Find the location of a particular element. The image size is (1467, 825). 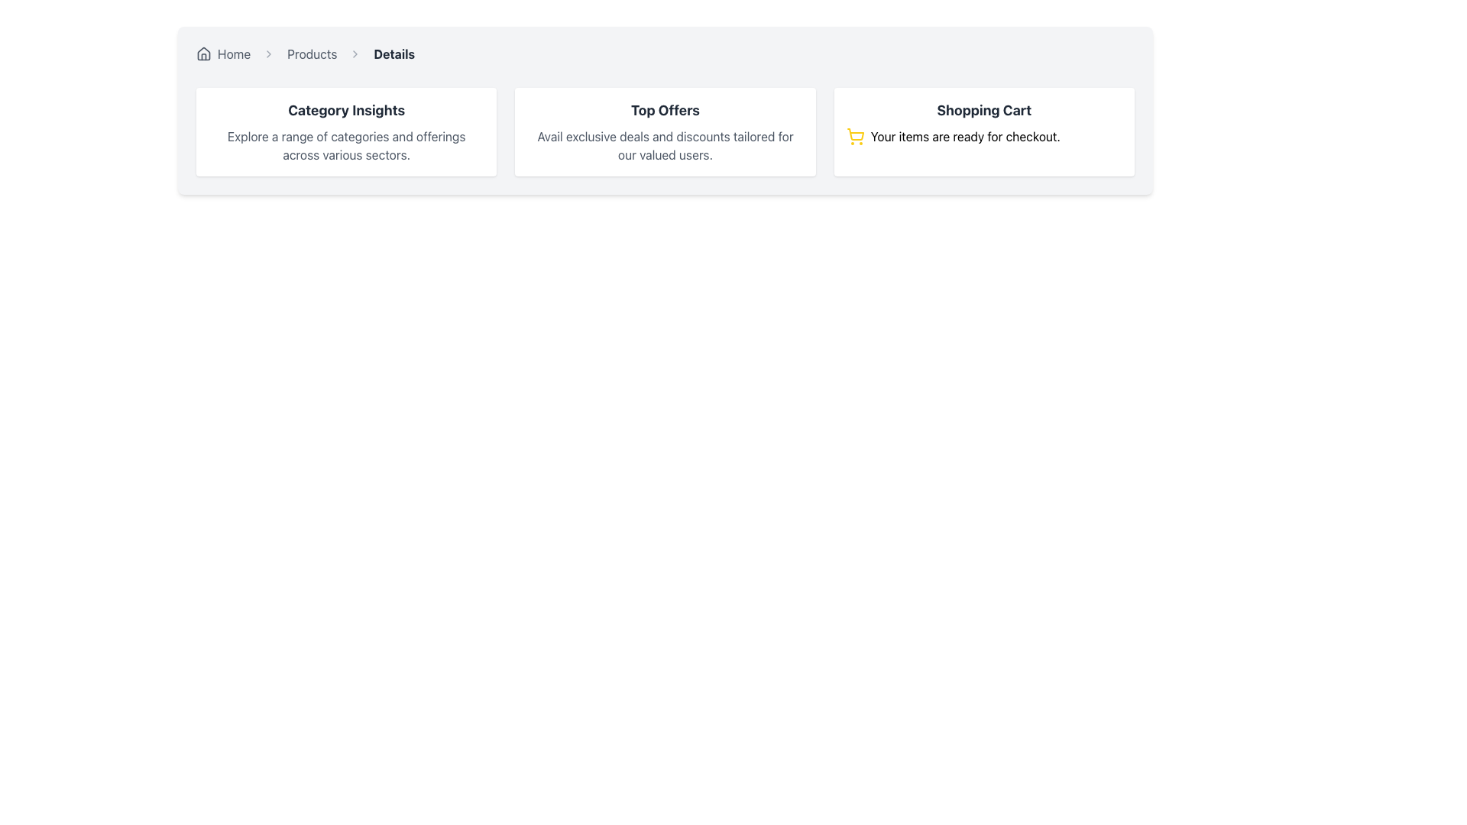

the Informational card, which is the second card in a three-card layout, located centrally between the 'Category Insights' card and the 'Shopping Cart' card is located at coordinates (665, 131).